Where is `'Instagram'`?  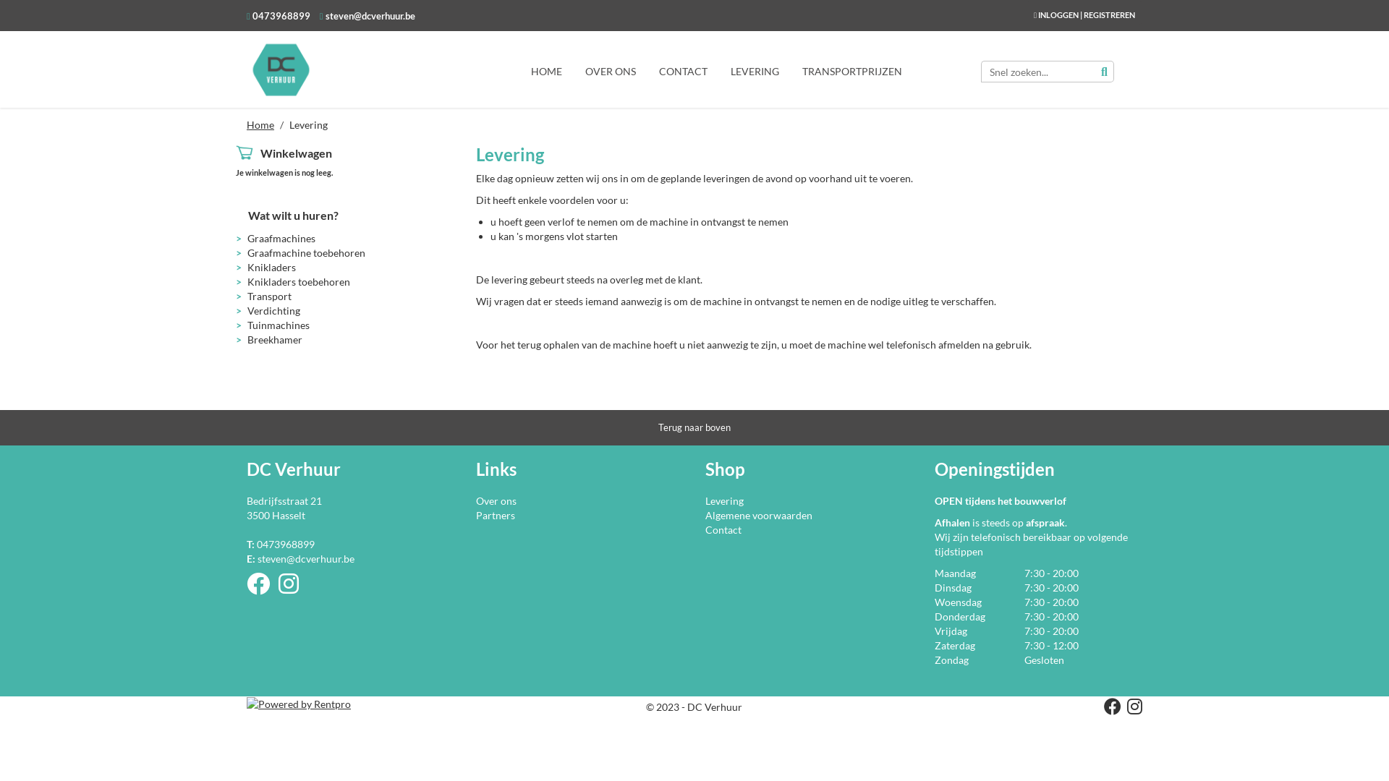
'Instagram' is located at coordinates (1131, 708).